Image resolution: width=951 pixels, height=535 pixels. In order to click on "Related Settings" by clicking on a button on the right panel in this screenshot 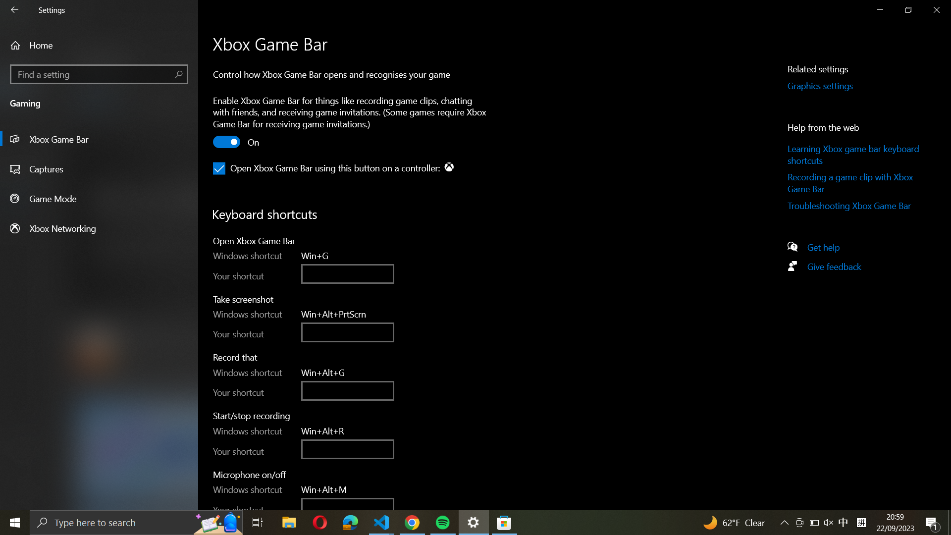, I will do `click(832, 86)`.